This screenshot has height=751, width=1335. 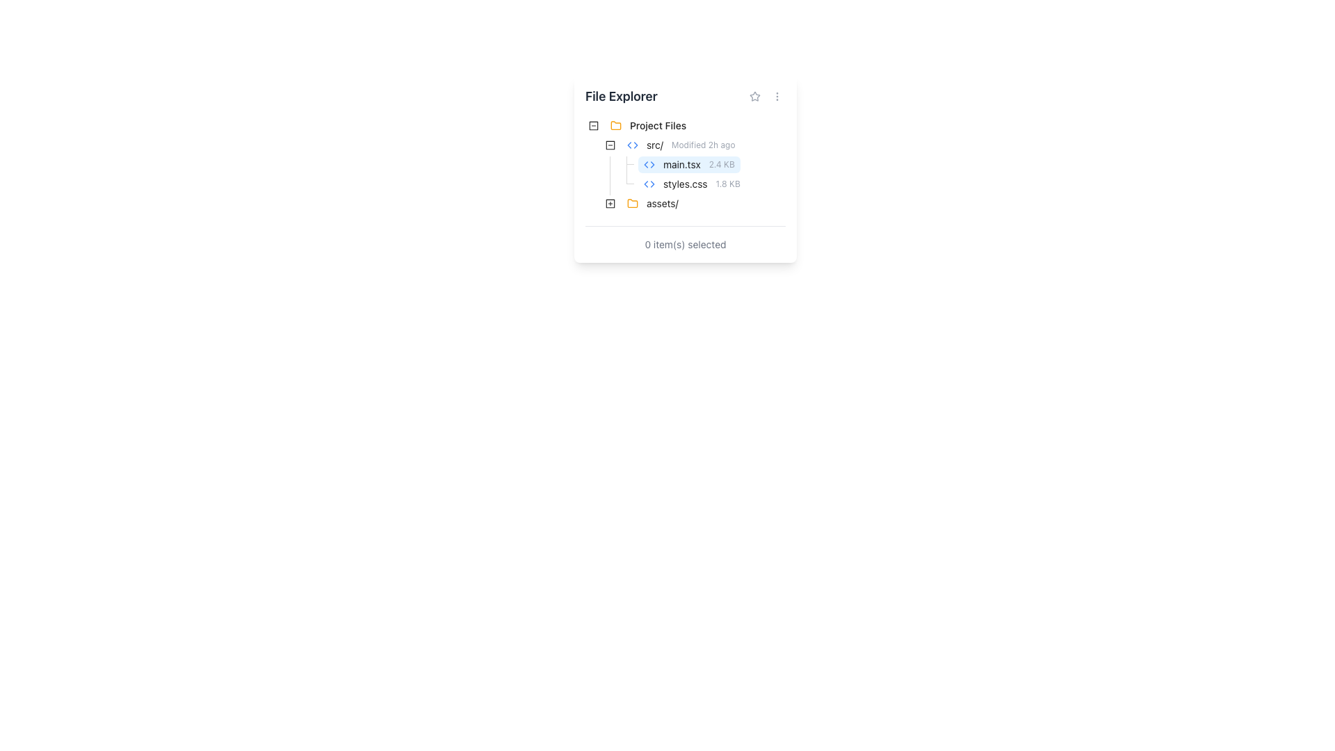 What do you see at coordinates (662, 145) in the screenshot?
I see `the 'src' folder label in the file explorer` at bounding box center [662, 145].